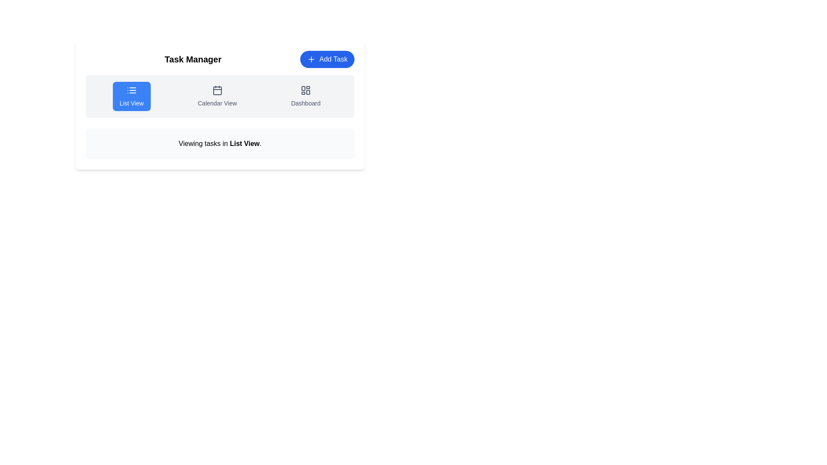 This screenshot has height=465, width=827. What do you see at coordinates (217, 90) in the screenshot?
I see `the calendar icon, which is the leftmost component in the 'Calendar View' group, visually represented by a rectangular outline with rounded corners and smaller elements resembling a calendar` at bounding box center [217, 90].